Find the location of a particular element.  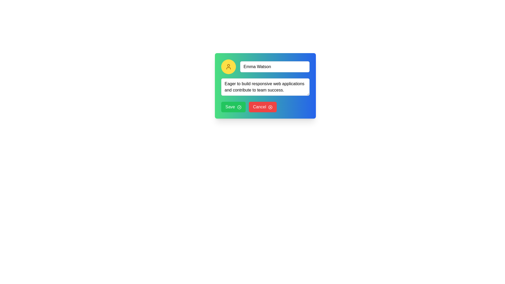

the button group positioned at the bottom of the blue card structure is located at coordinates (265, 107).